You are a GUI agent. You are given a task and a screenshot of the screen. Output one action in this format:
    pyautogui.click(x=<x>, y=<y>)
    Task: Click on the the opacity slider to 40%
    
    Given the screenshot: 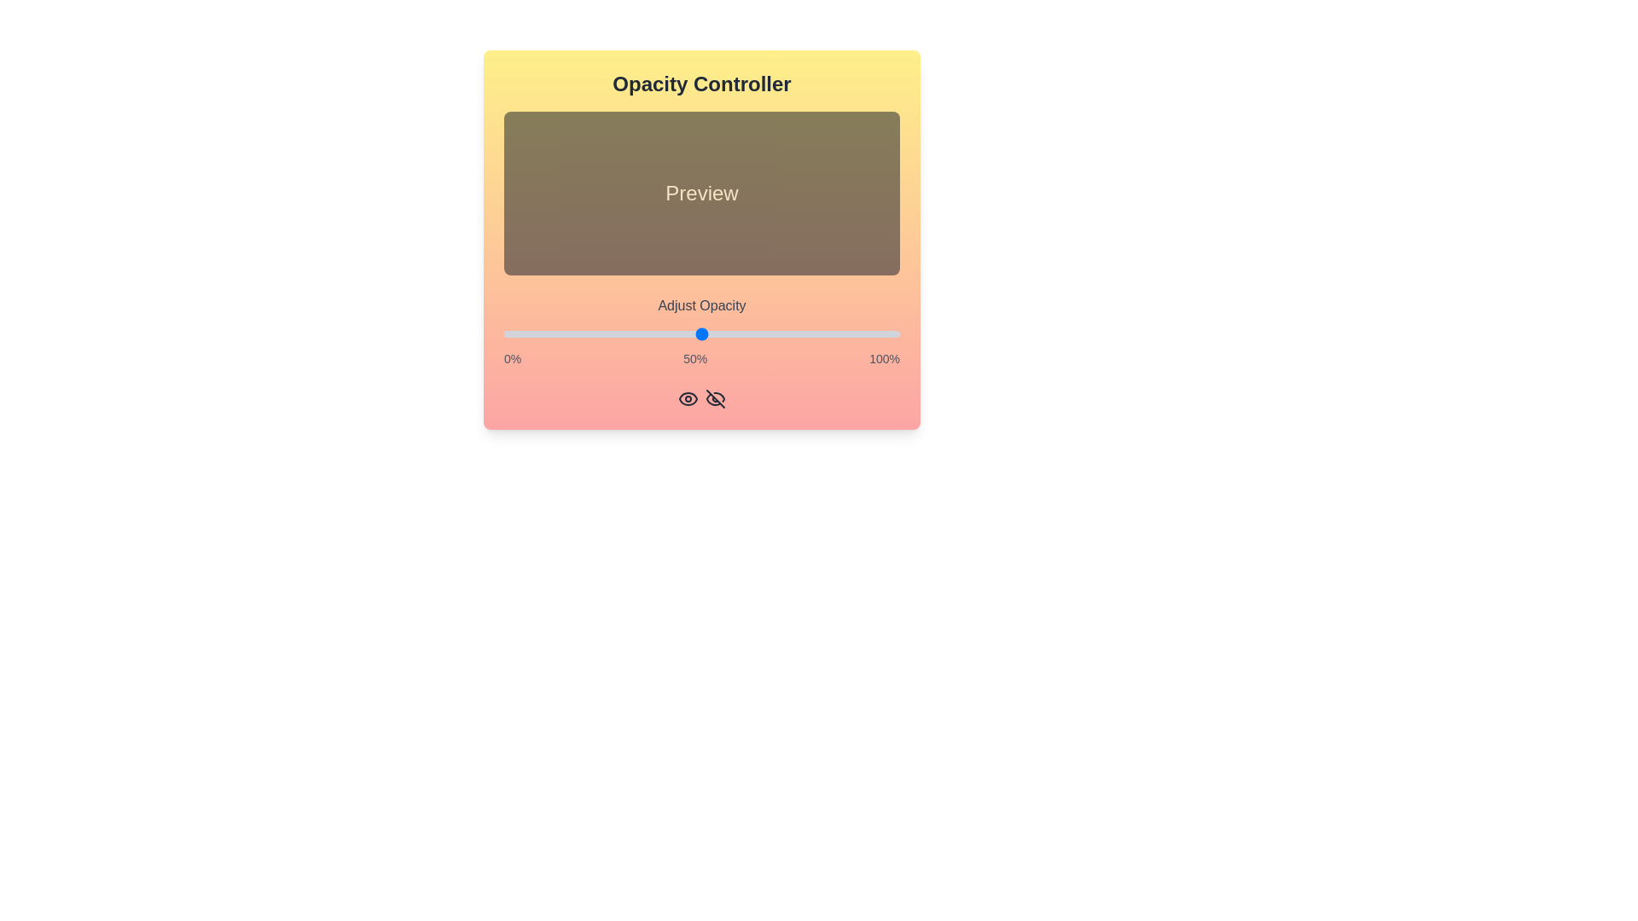 What is the action you would take?
    pyautogui.click(x=661, y=334)
    